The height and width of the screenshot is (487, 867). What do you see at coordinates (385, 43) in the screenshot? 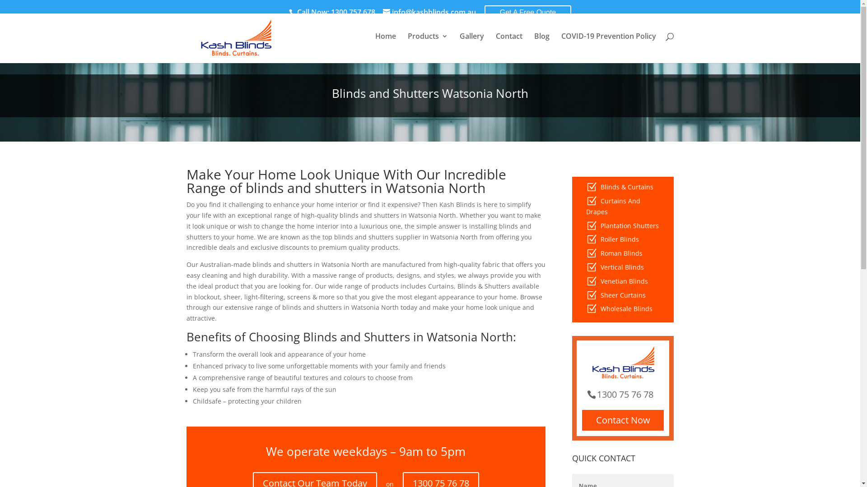
I see `'Home'` at bounding box center [385, 43].